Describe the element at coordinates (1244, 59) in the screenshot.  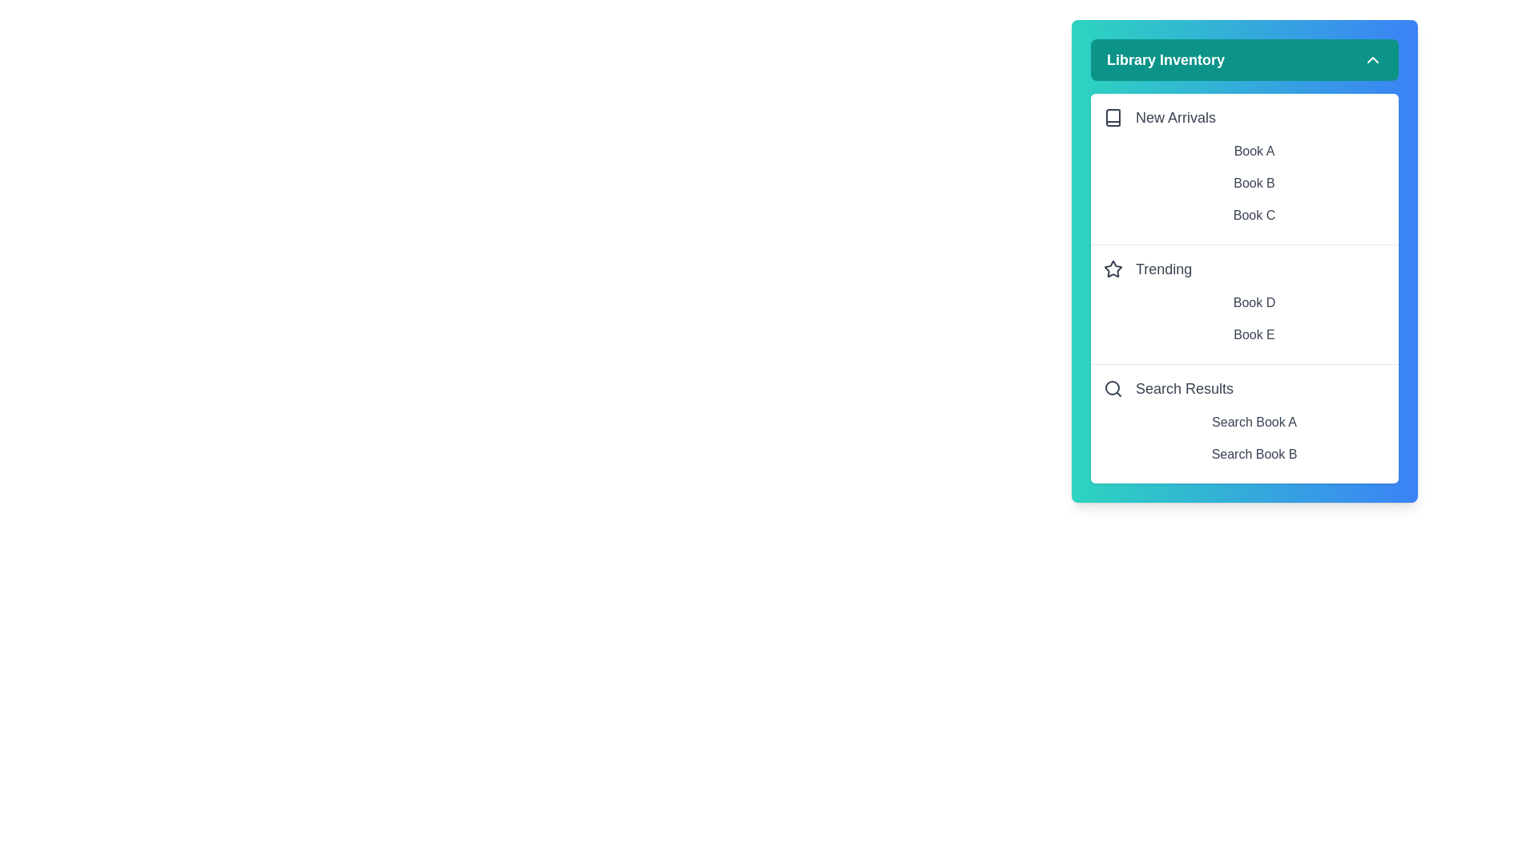
I see `the 'Library Inventory' button to toggle the menu` at that location.